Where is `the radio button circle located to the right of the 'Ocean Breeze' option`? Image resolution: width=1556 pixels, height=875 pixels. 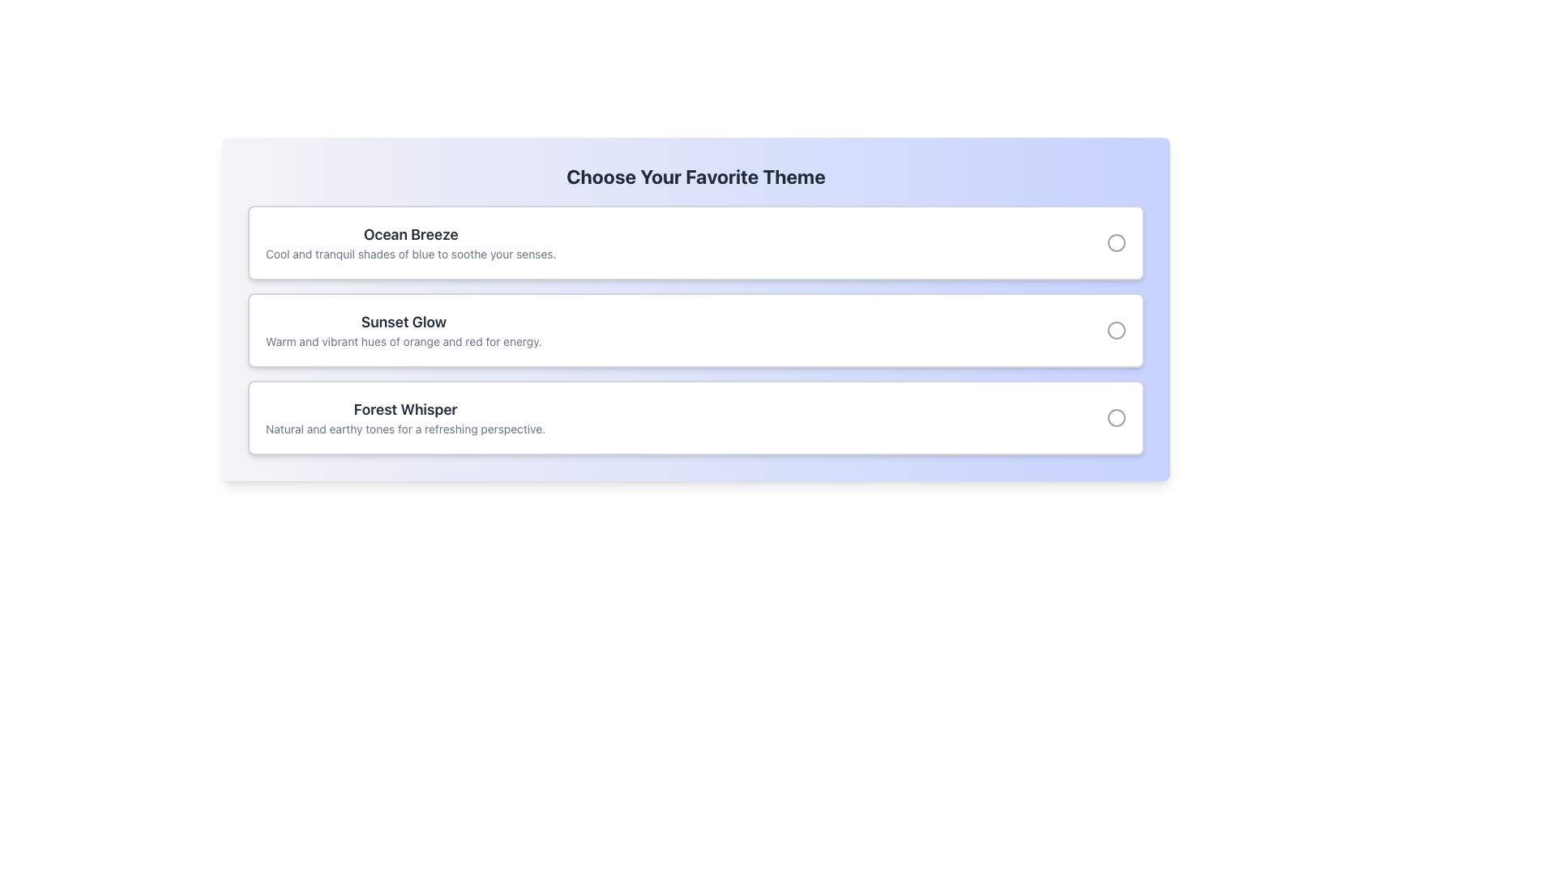
the radio button circle located to the right of the 'Ocean Breeze' option is located at coordinates (1115, 243).